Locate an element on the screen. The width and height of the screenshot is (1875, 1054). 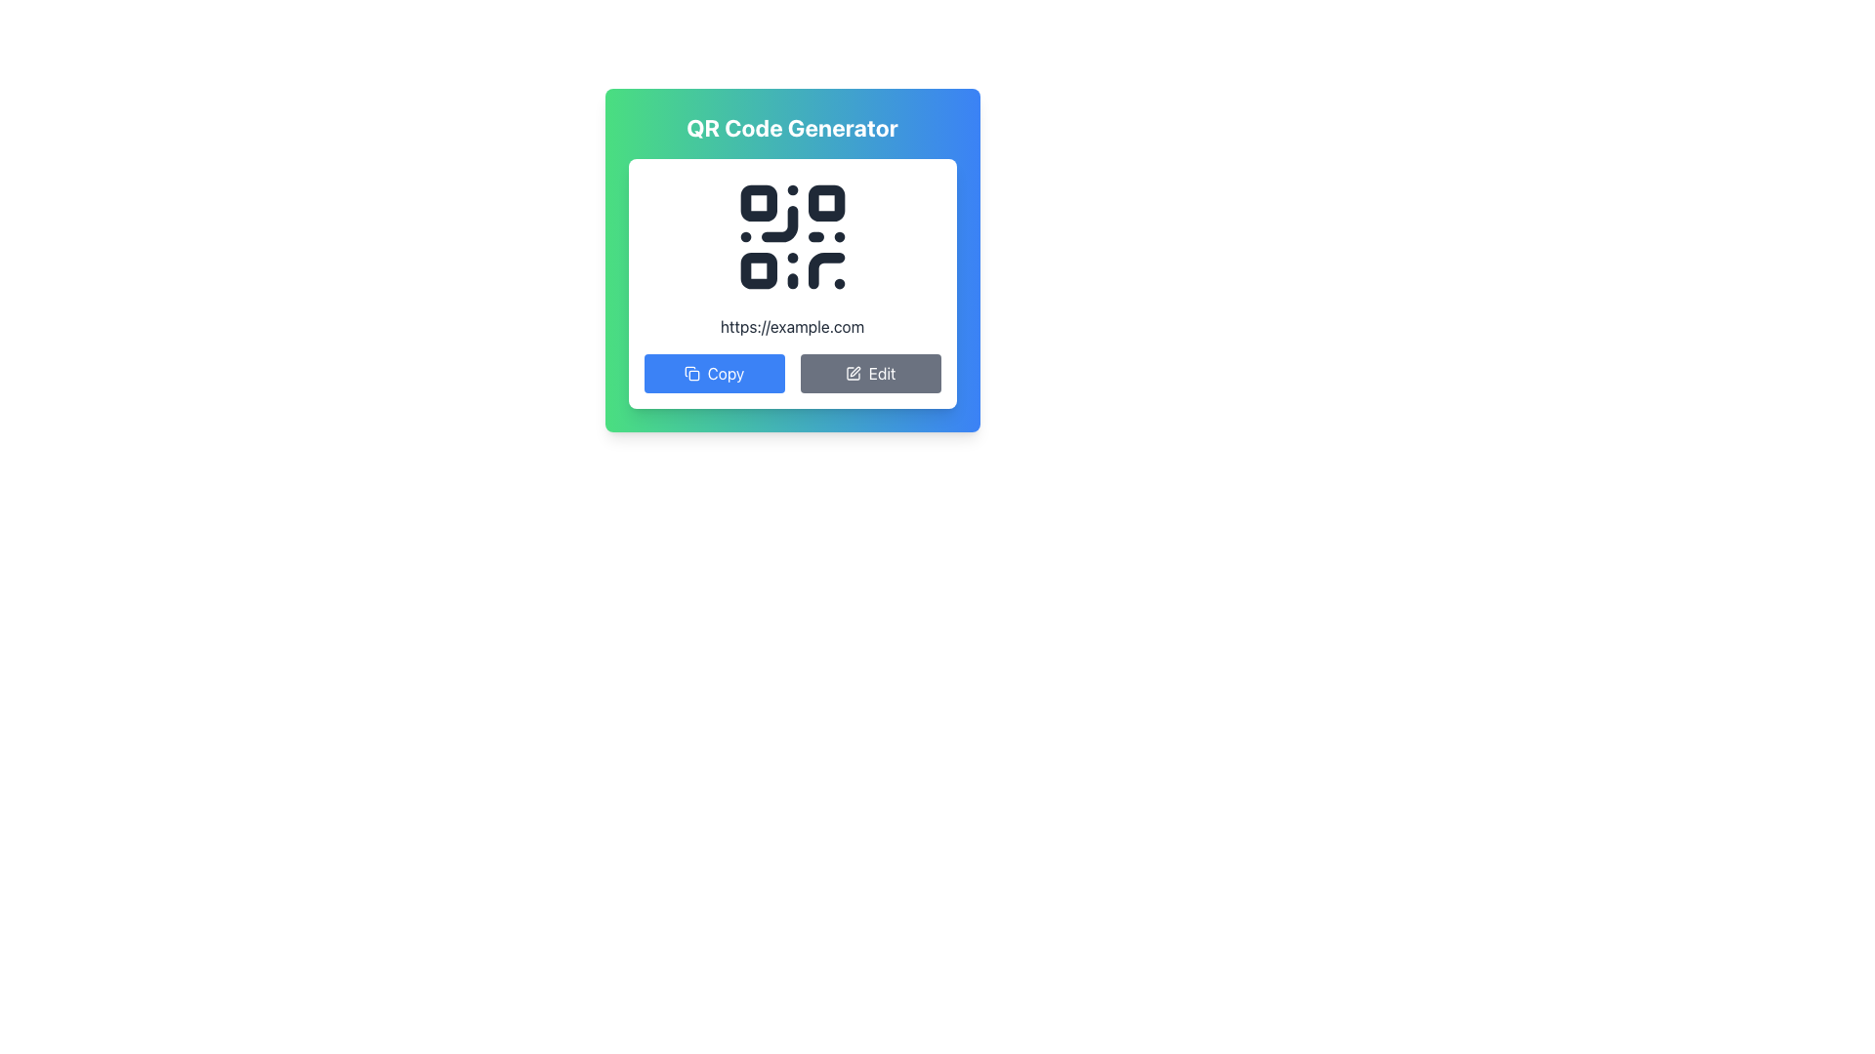
the small, square-shaped icon located at the bottom-right of the QR code graphic, which is outlined and features a rounded rectangle design is located at coordinates (826, 270).